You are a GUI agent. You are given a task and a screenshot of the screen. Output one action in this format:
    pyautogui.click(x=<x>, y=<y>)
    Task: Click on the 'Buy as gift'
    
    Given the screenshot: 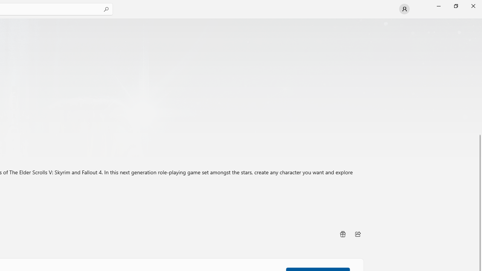 What is the action you would take?
    pyautogui.click(x=342, y=234)
    